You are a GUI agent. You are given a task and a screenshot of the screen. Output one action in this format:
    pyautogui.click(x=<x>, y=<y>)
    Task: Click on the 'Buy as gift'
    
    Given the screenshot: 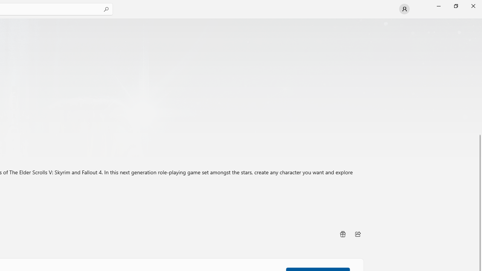 What is the action you would take?
    pyautogui.click(x=342, y=234)
    